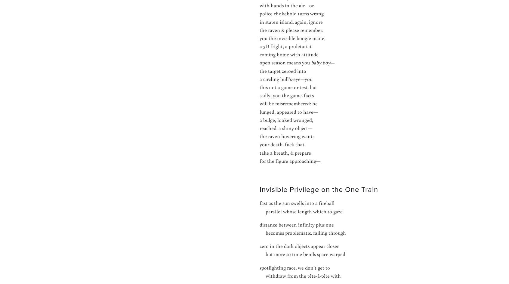 The height and width of the screenshot is (284, 509). What do you see at coordinates (259, 152) in the screenshot?
I see `'take a breath, & prepare'` at bounding box center [259, 152].